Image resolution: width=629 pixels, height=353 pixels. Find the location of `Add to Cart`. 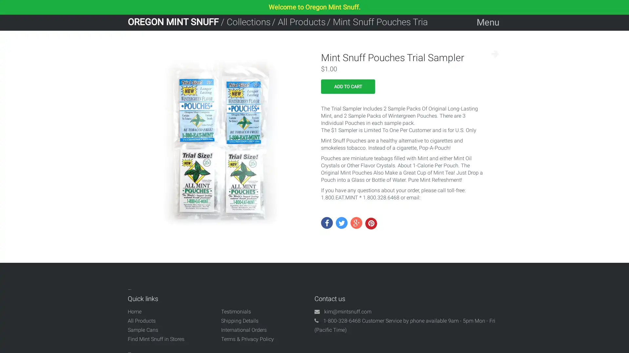

Add to Cart is located at coordinates (348, 86).